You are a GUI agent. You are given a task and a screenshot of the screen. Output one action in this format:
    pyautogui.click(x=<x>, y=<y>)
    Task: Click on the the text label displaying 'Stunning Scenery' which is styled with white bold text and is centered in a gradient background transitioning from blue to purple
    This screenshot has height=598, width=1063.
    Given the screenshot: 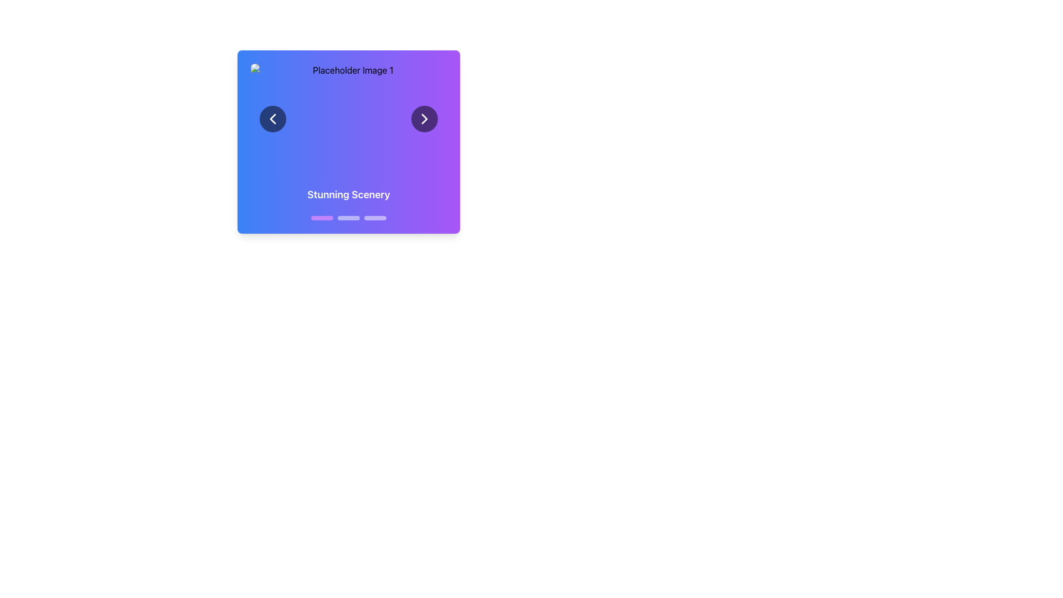 What is the action you would take?
    pyautogui.click(x=348, y=194)
    